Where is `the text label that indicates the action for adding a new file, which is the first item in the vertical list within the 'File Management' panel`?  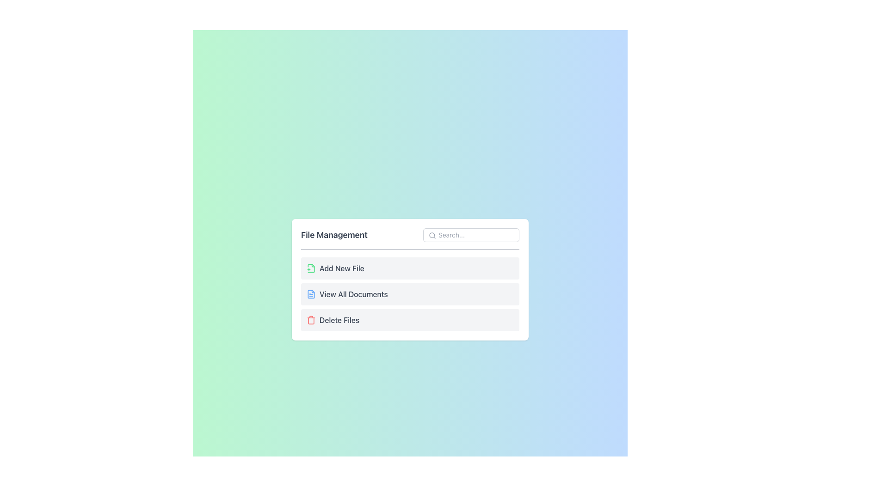 the text label that indicates the action for adding a new file, which is the first item in the vertical list within the 'File Management' panel is located at coordinates (341, 268).